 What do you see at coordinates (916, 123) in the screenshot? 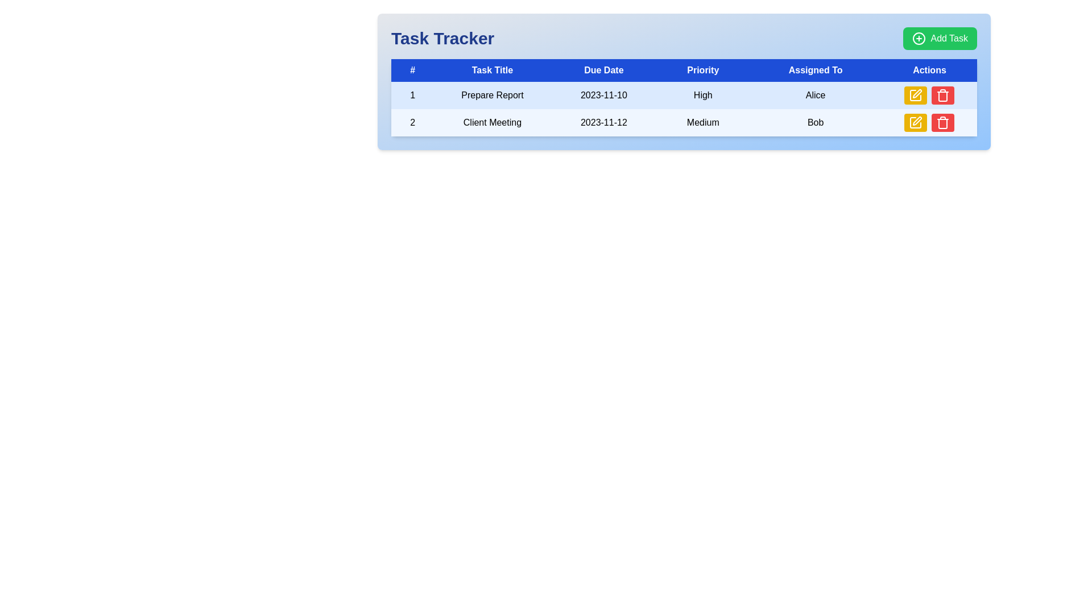
I see `the pencil icon inside a yellow square located in the second row of the 'Actions' column in the 'Task Tracker' section to initiate editing for the associated task` at bounding box center [916, 123].